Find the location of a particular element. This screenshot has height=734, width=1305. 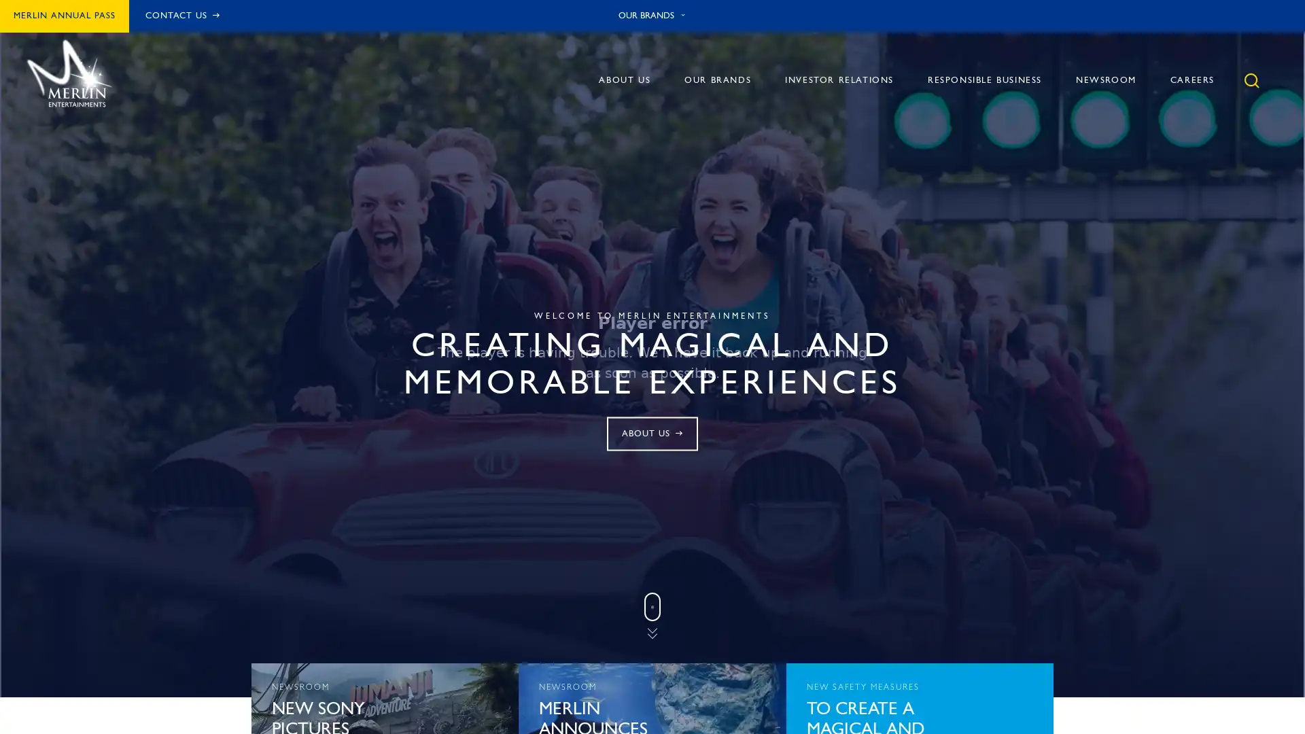

Back is located at coordinates (870, 120).